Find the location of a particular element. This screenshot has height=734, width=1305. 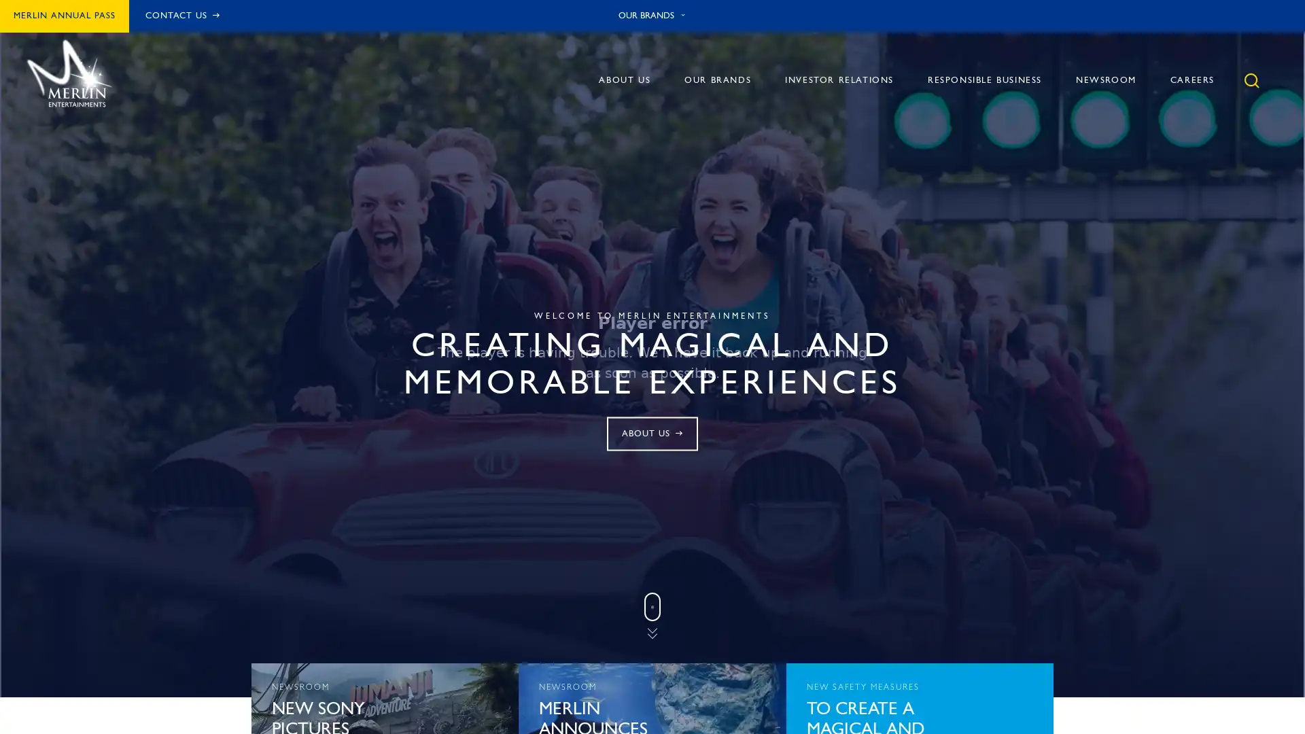

Back is located at coordinates (870, 120).